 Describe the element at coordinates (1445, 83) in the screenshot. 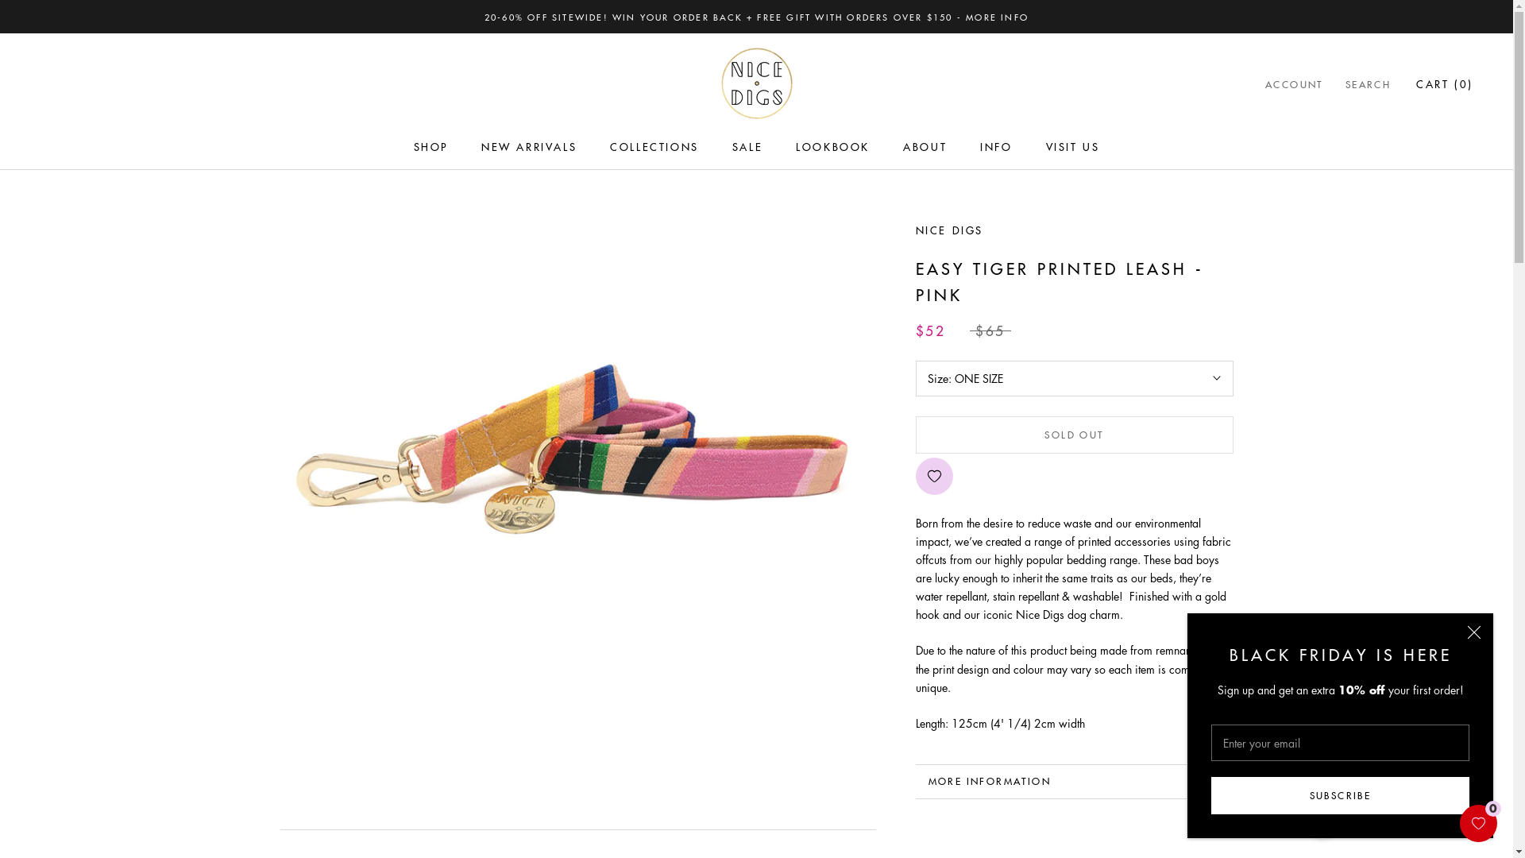

I see `'CART (0)'` at that location.